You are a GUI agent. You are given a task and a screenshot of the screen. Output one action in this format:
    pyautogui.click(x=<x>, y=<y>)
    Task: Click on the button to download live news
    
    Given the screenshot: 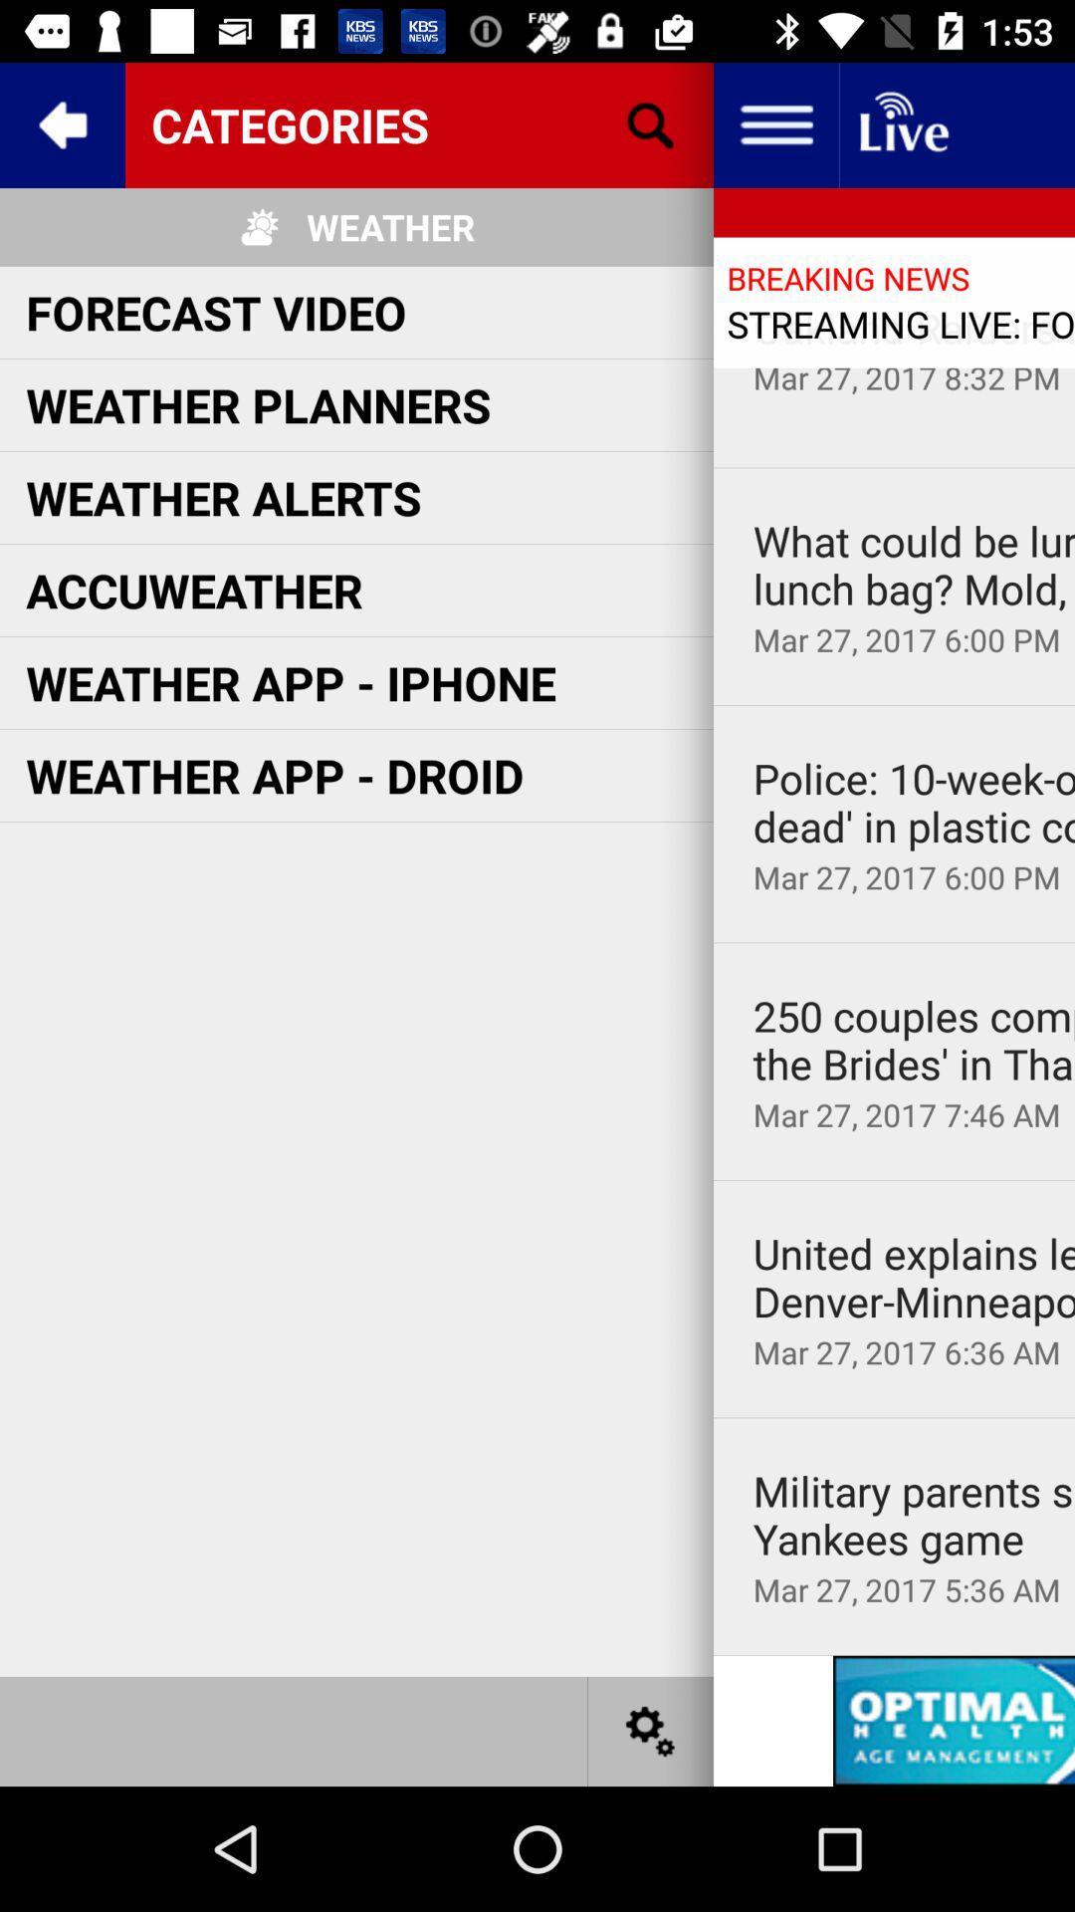 What is the action you would take?
    pyautogui.click(x=902, y=123)
    